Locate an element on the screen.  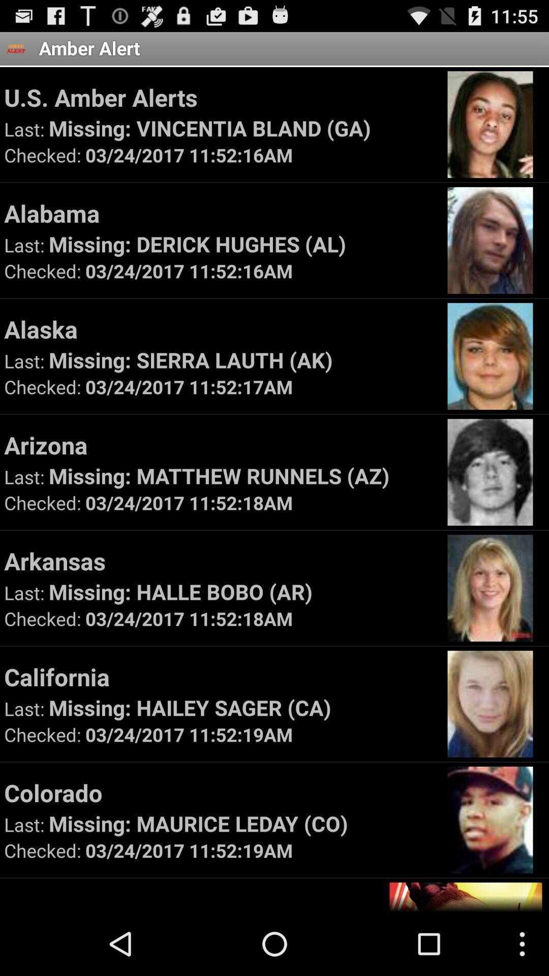
arkansas is located at coordinates (221, 560).